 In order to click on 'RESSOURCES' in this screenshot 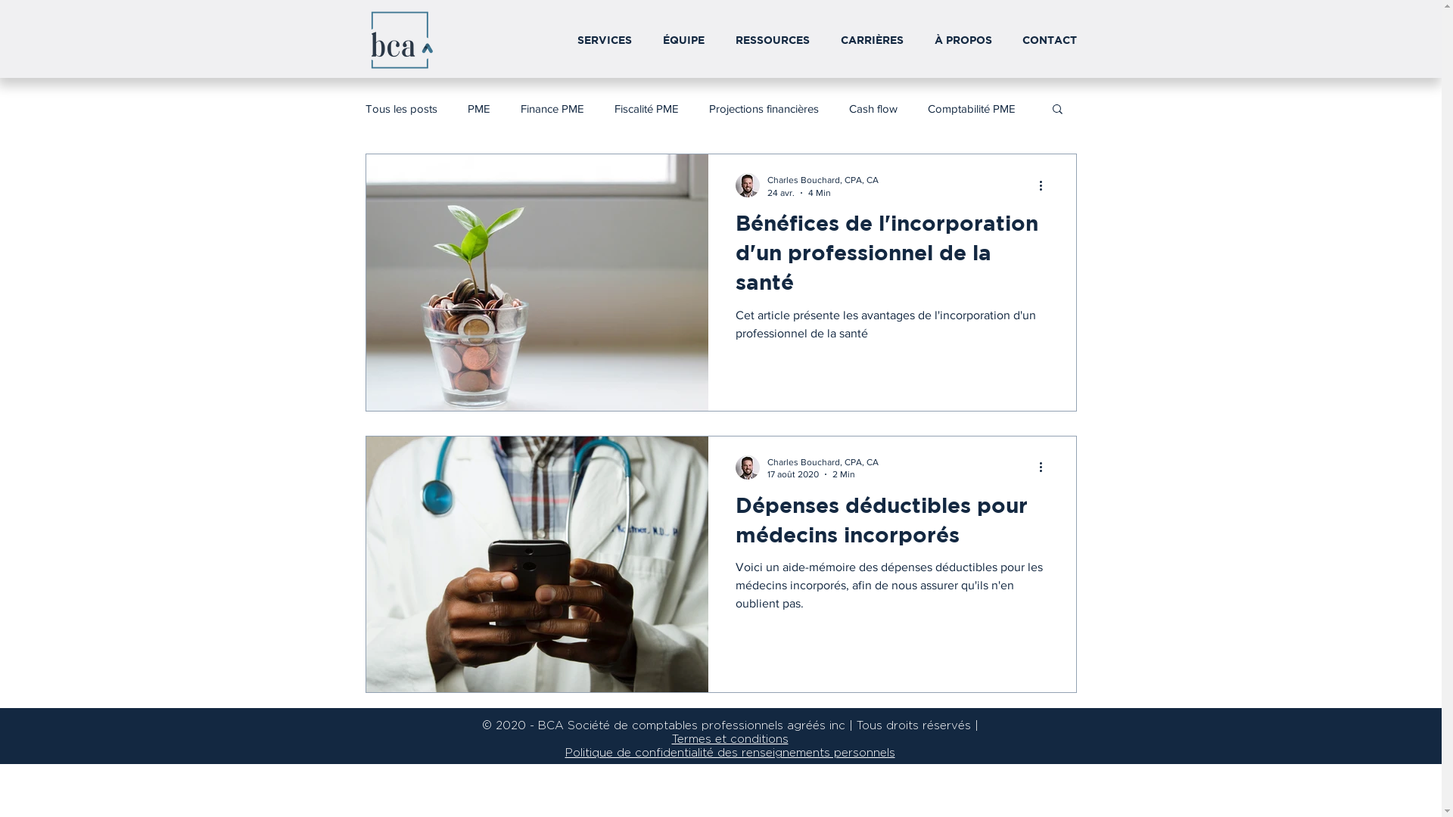, I will do `click(773, 39)`.